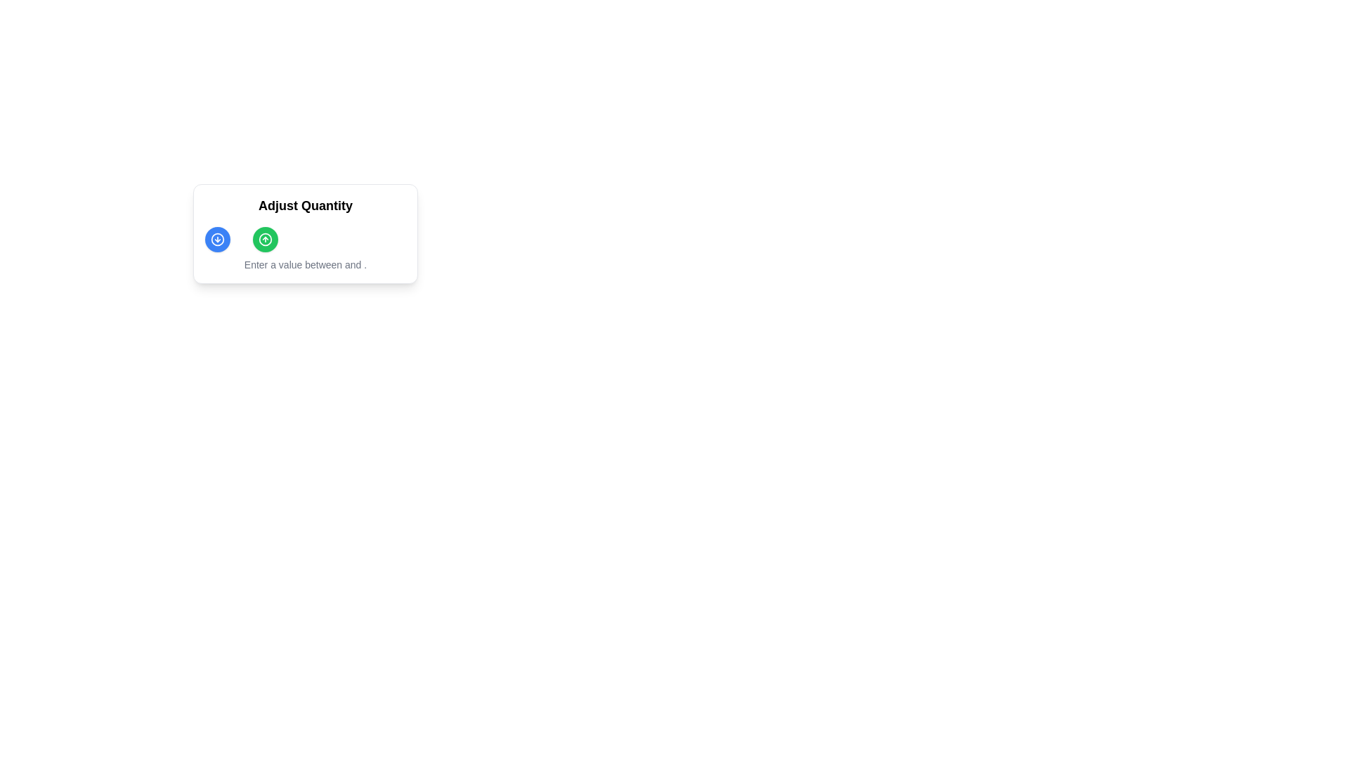 Image resolution: width=1349 pixels, height=759 pixels. Describe the element at coordinates (266, 238) in the screenshot. I see `the green circular button with an upward-pointing white arrow to increment a value` at that location.